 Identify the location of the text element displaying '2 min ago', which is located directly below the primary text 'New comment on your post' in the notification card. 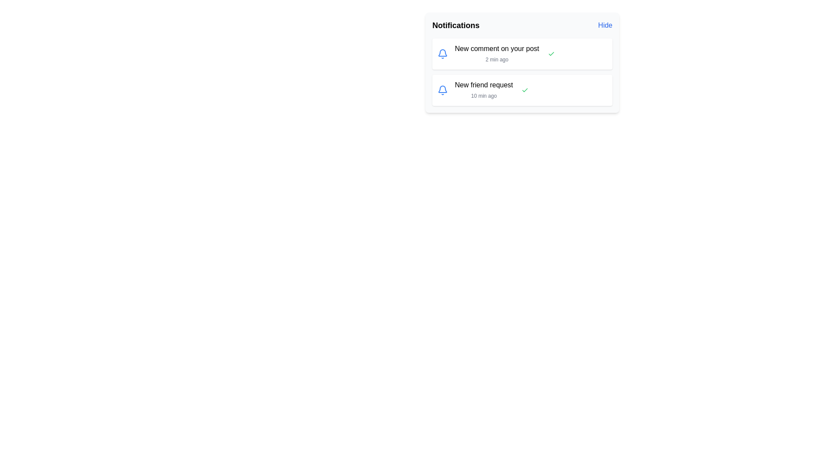
(497, 59).